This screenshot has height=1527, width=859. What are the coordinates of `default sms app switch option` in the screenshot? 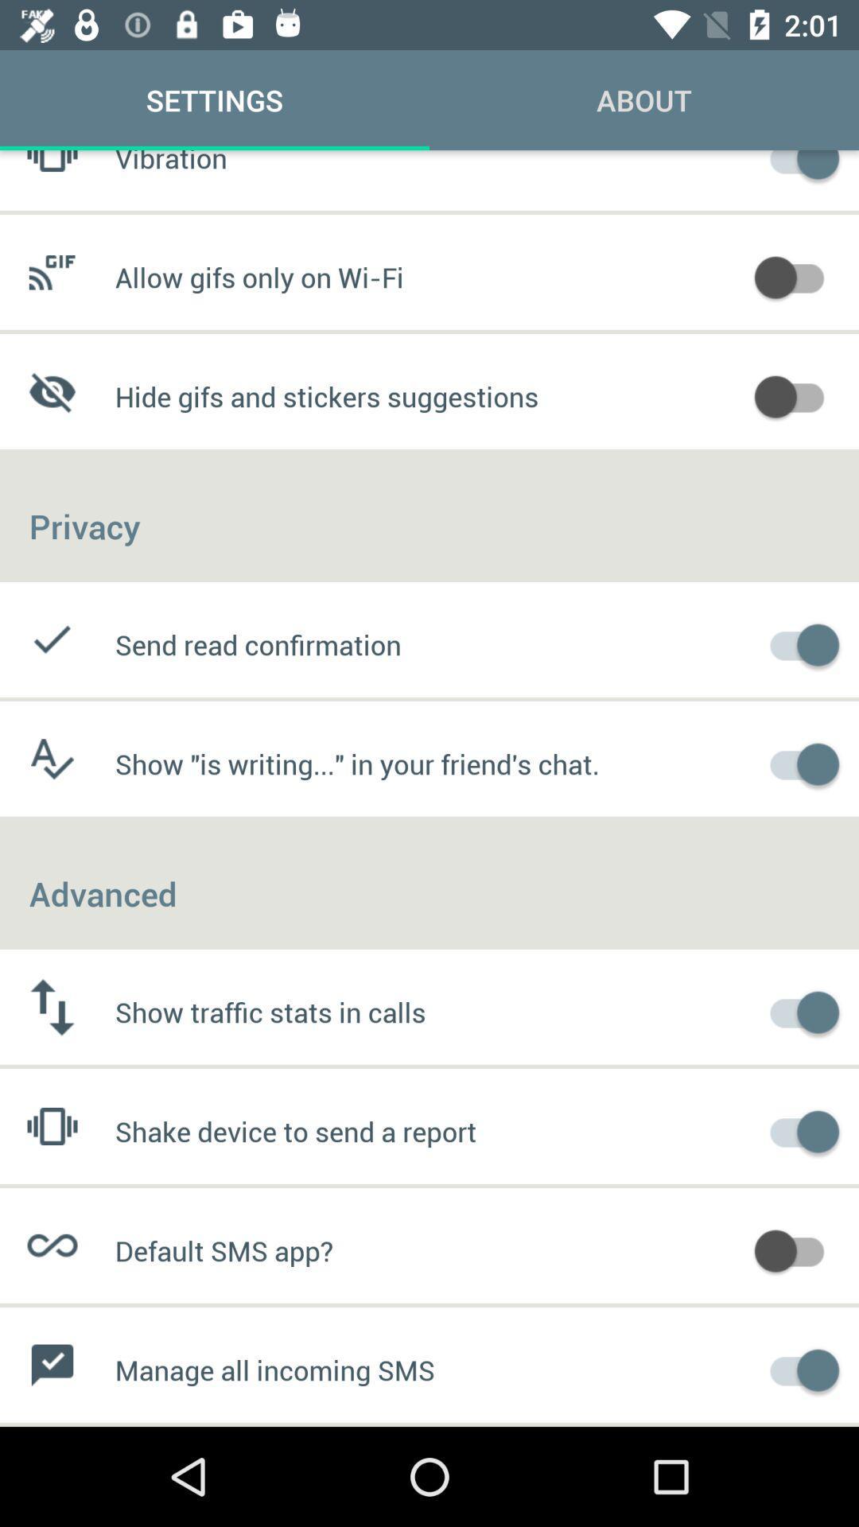 It's located at (797, 1248).